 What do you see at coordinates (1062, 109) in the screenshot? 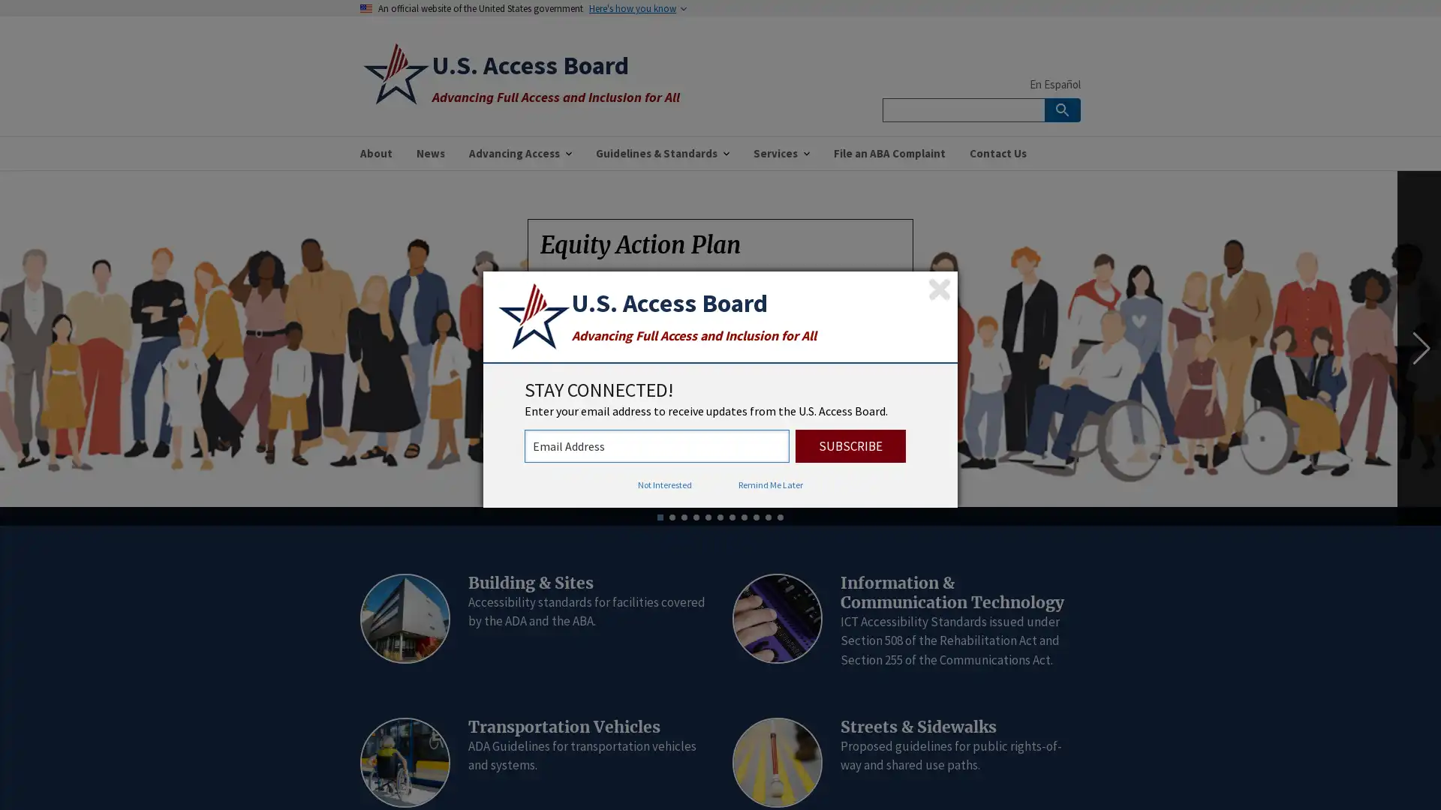
I see `Search` at bounding box center [1062, 109].